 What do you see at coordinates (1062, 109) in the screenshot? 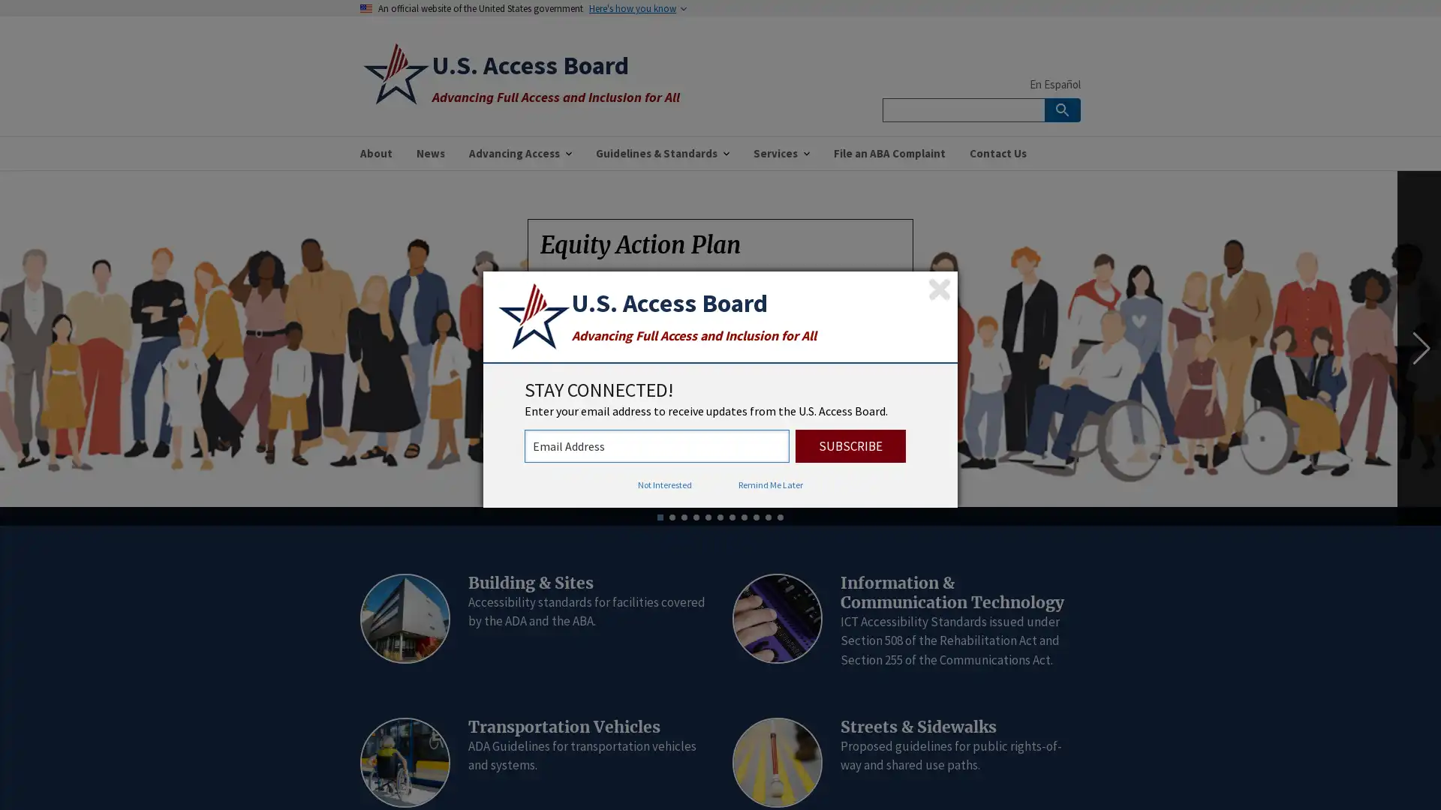
I see `Search` at bounding box center [1062, 109].